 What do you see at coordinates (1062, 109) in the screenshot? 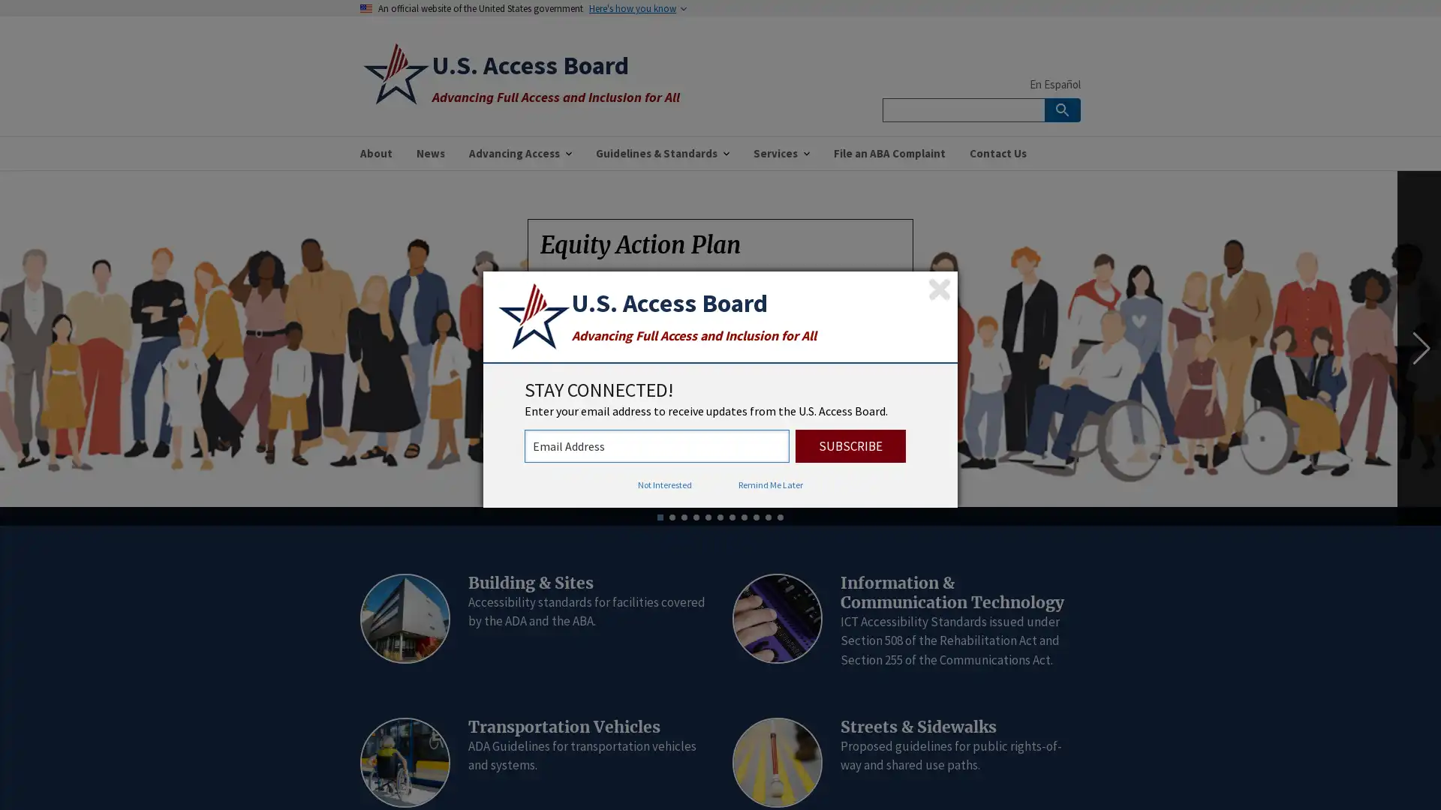
I see `Search` at bounding box center [1062, 109].